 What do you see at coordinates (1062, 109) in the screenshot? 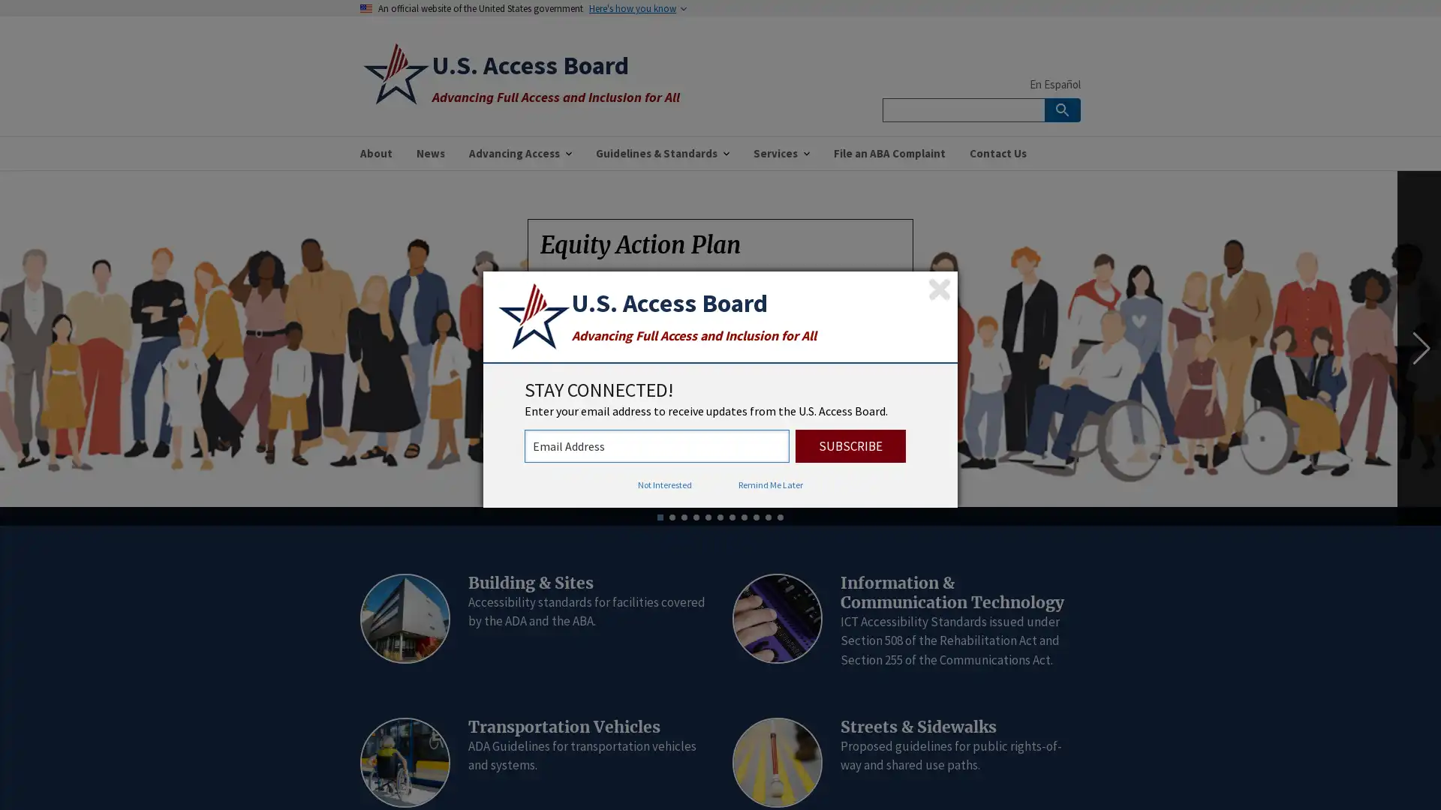
I see `Search` at bounding box center [1062, 109].